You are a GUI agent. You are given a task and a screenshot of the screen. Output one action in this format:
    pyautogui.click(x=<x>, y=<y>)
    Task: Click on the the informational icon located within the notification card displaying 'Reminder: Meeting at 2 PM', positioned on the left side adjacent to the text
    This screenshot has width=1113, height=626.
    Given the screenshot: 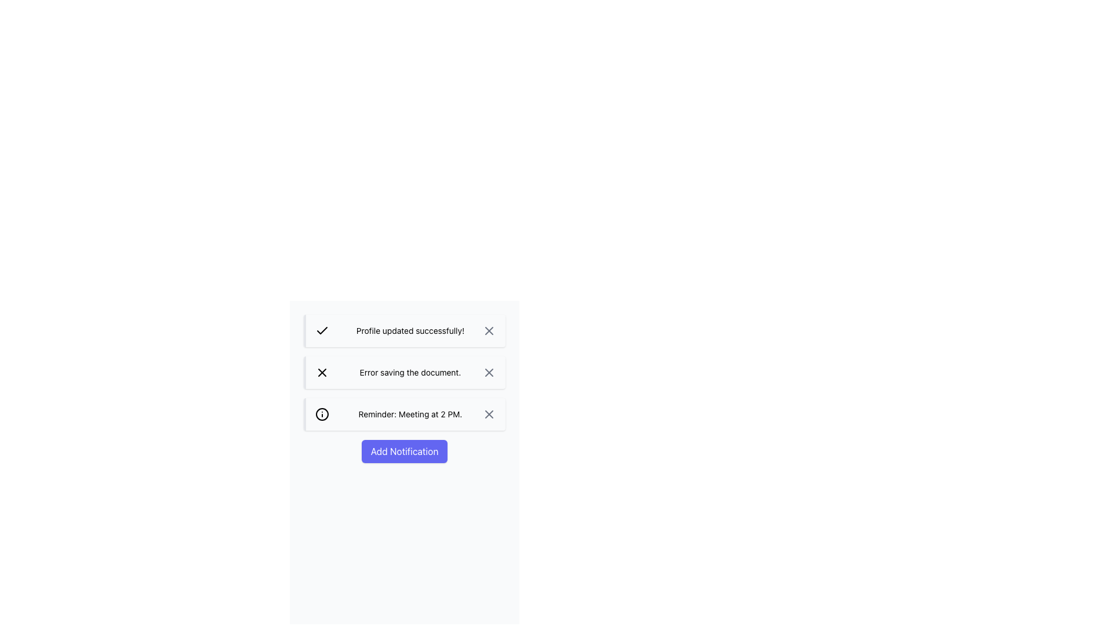 What is the action you would take?
    pyautogui.click(x=322, y=413)
    